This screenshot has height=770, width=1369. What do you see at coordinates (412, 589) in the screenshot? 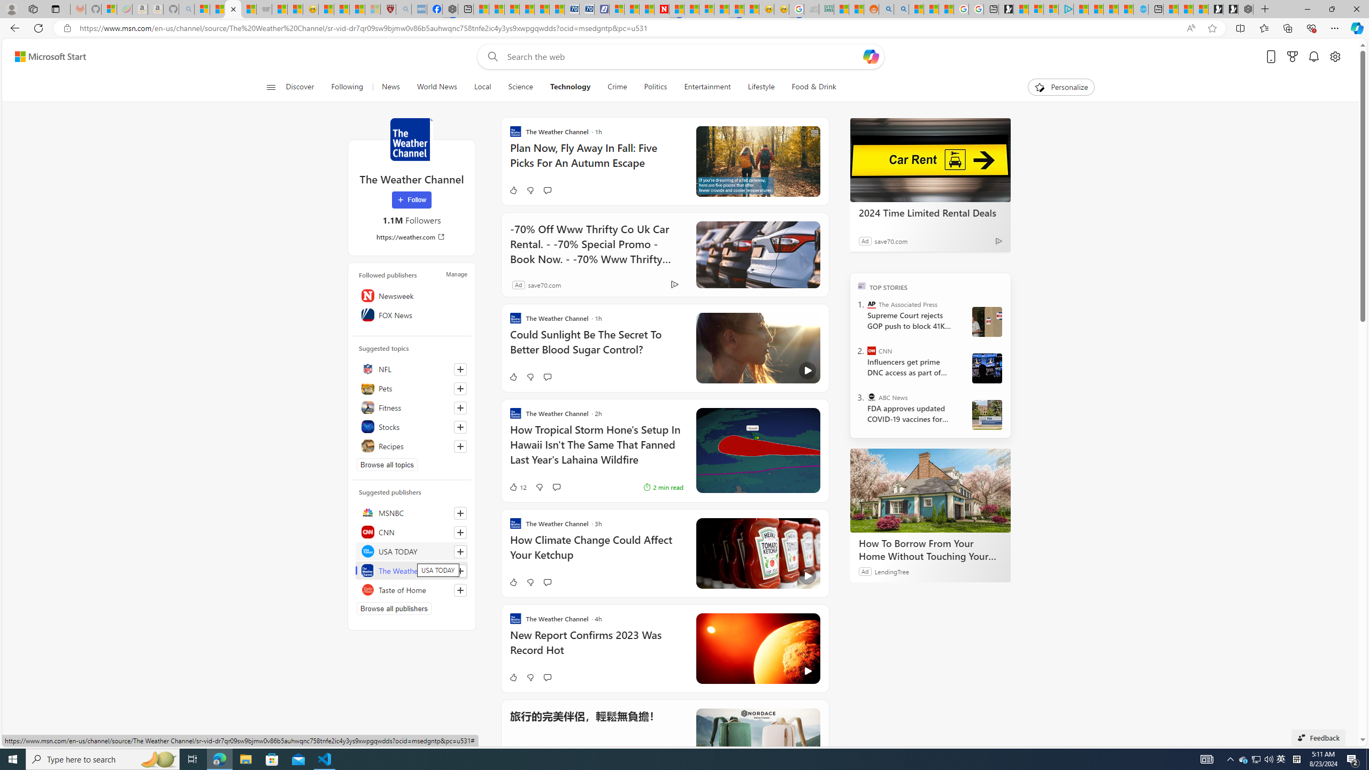
I see `'Taste of Home'` at bounding box center [412, 589].